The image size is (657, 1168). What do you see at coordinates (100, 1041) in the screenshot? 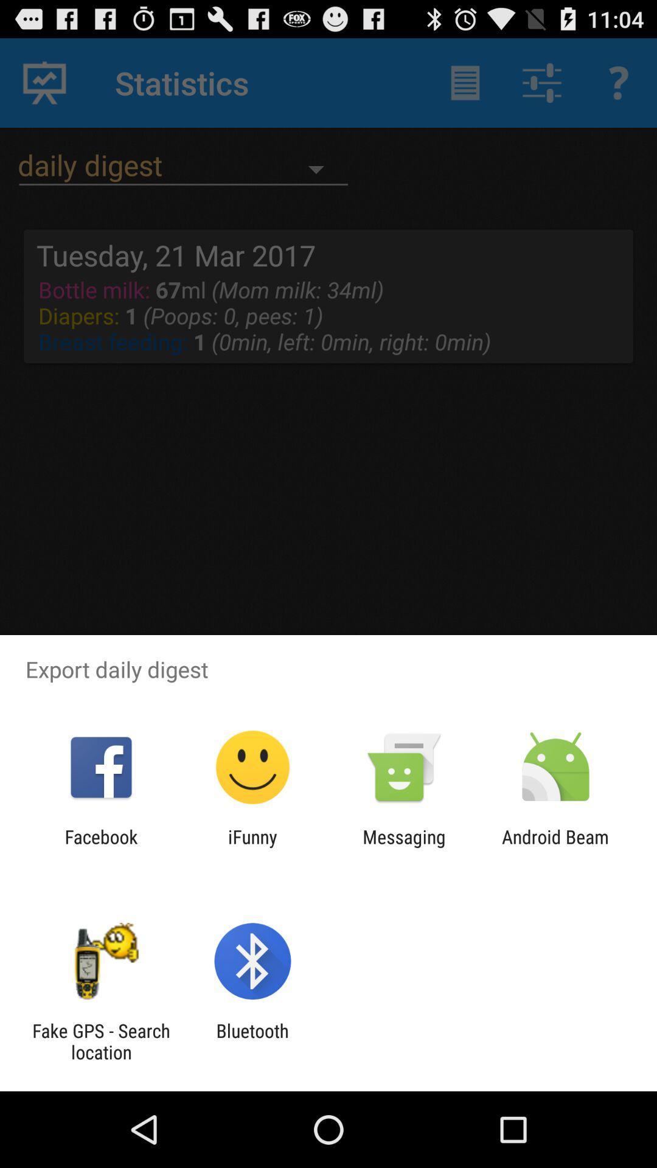
I see `fake gps search icon` at bounding box center [100, 1041].